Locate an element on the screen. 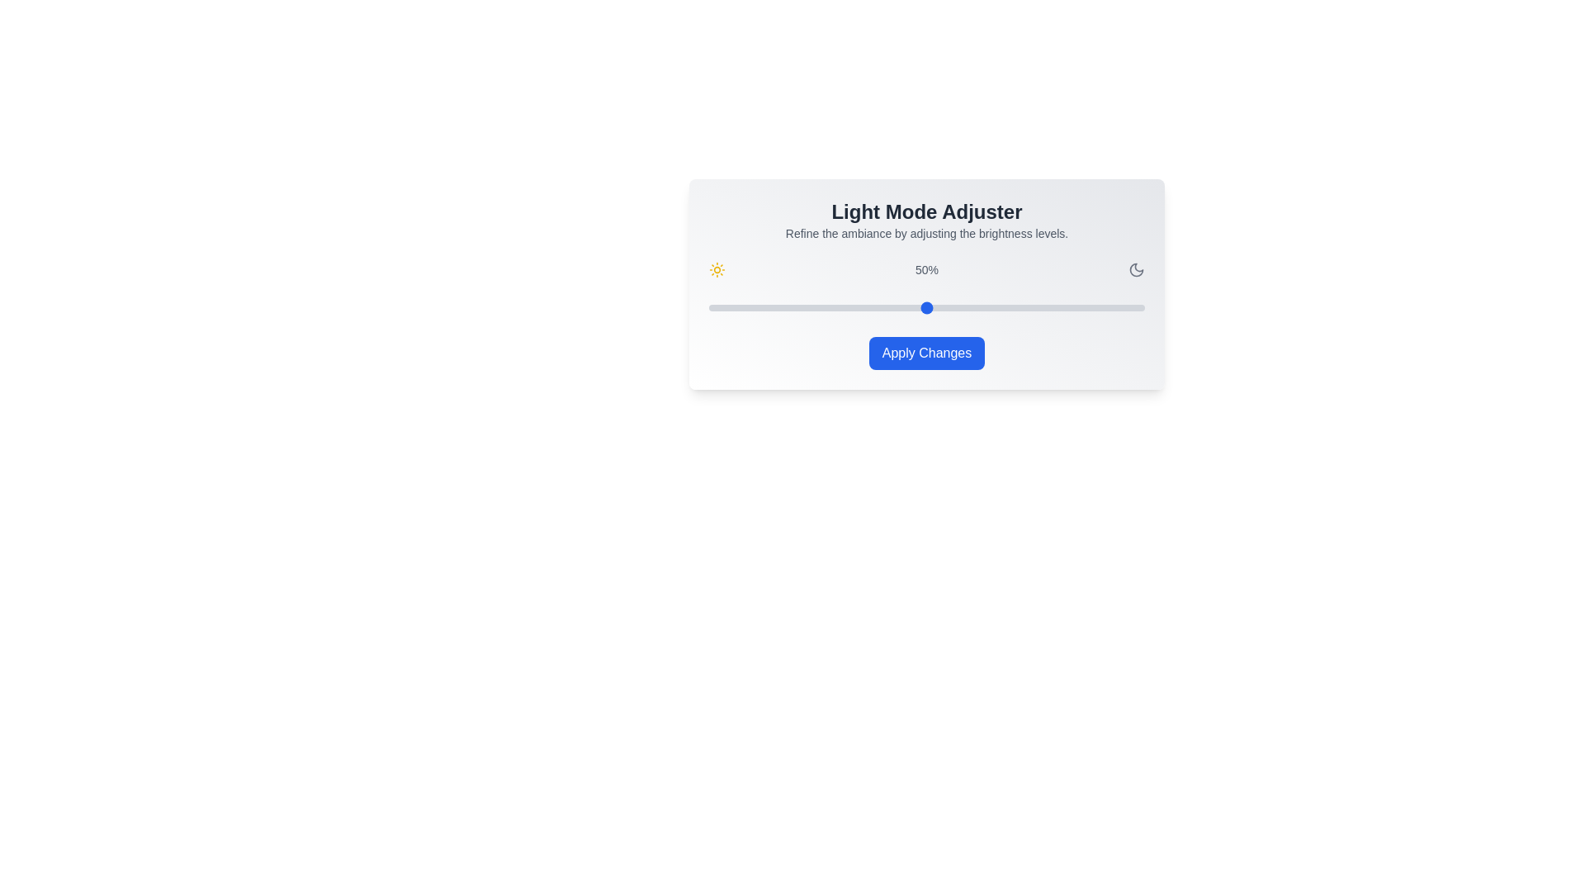  the 'Apply Changes' button is located at coordinates (927, 353).